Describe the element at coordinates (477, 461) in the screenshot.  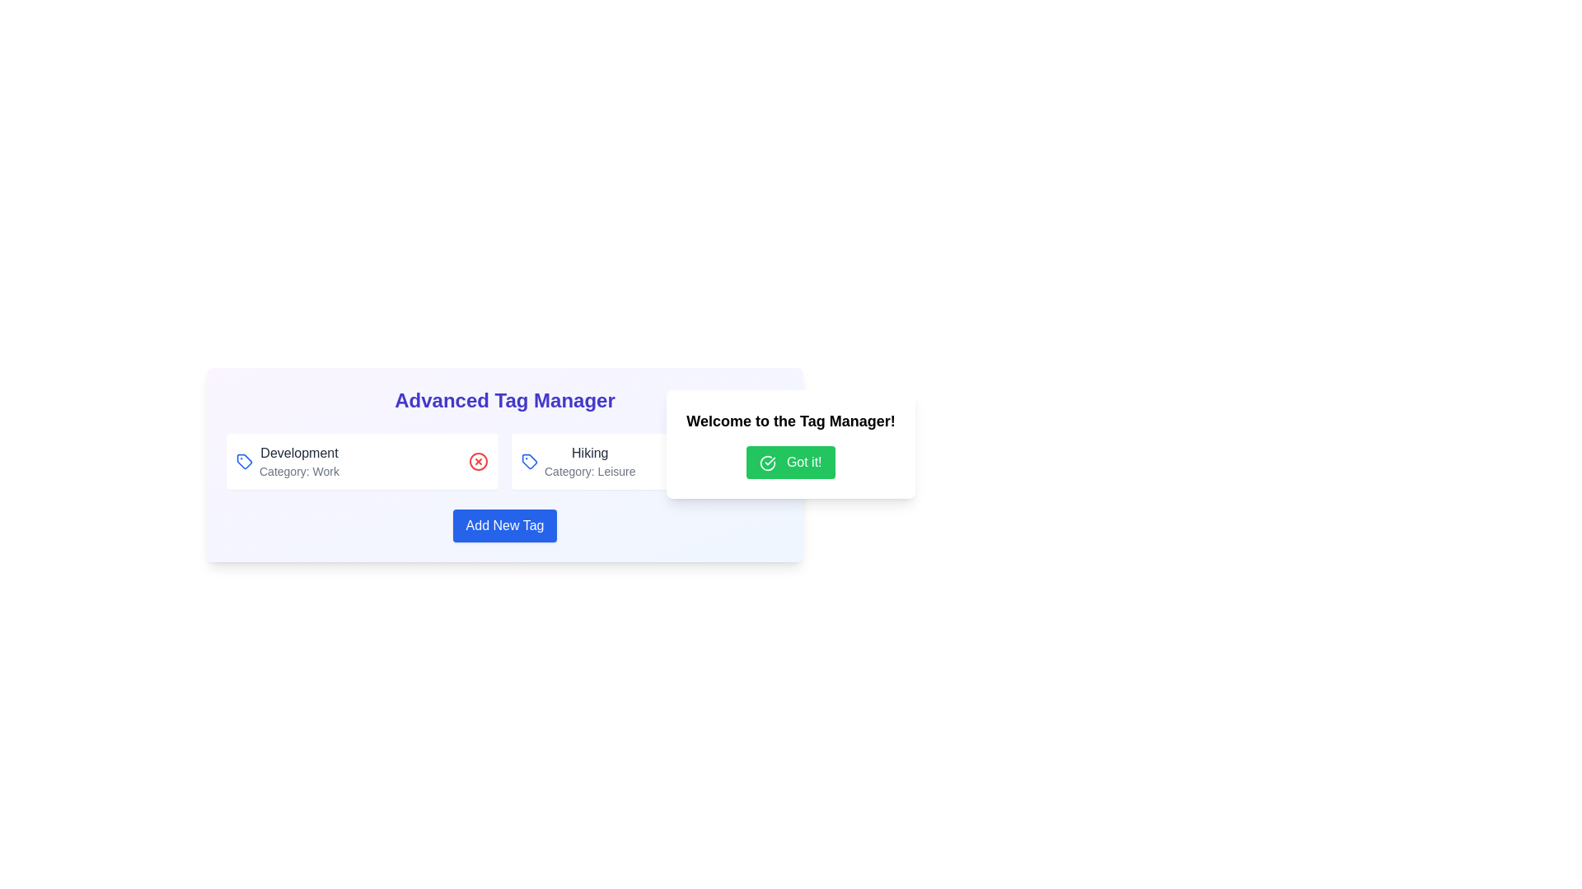
I see `the button located on the far right of the row containing the 'Development' tag` at that location.